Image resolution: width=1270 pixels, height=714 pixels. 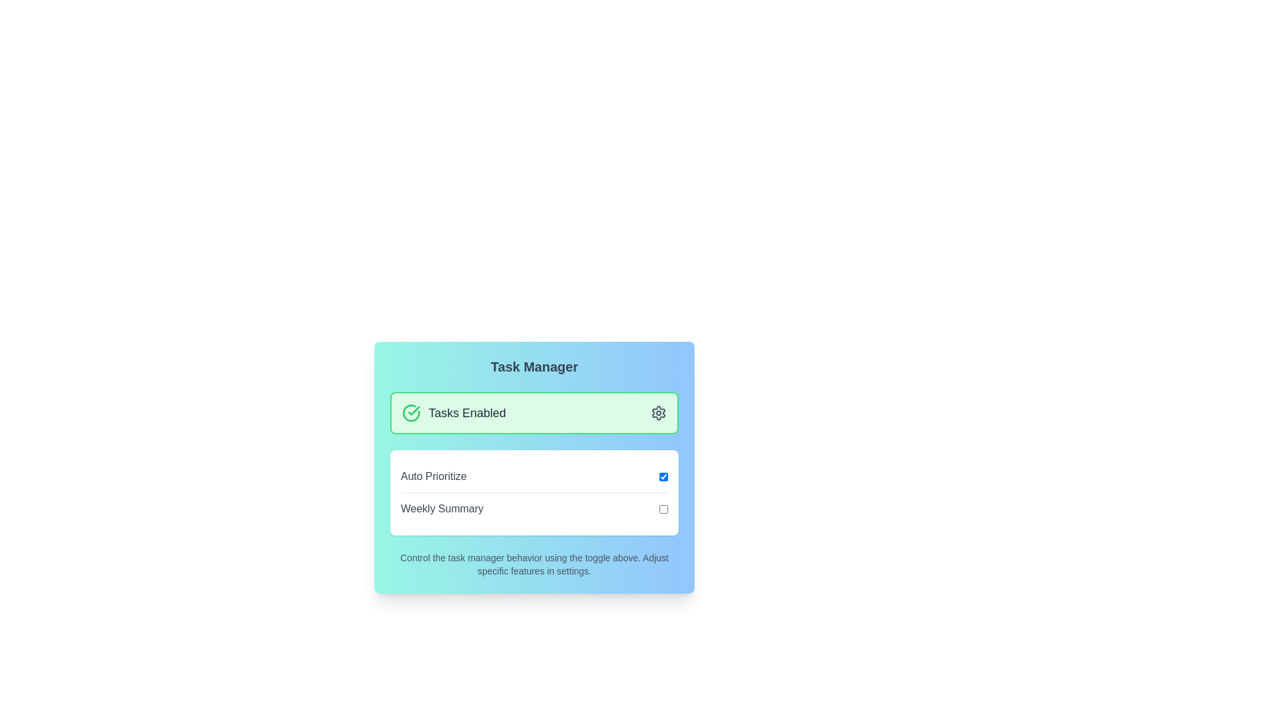 I want to click on the Text label that indicates the enabled state of a feature, positioned between a green circular checkmark icon and a gear icon within the Task Manager card, so click(x=467, y=412).